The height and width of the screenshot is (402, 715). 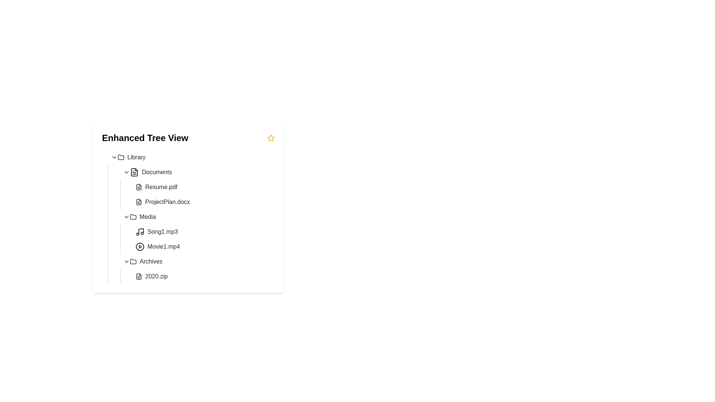 What do you see at coordinates (204, 232) in the screenshot?
I see `the first list item labeled 'Song1.mp3' under the 'Media' folder` at bounding box center [204, 232].